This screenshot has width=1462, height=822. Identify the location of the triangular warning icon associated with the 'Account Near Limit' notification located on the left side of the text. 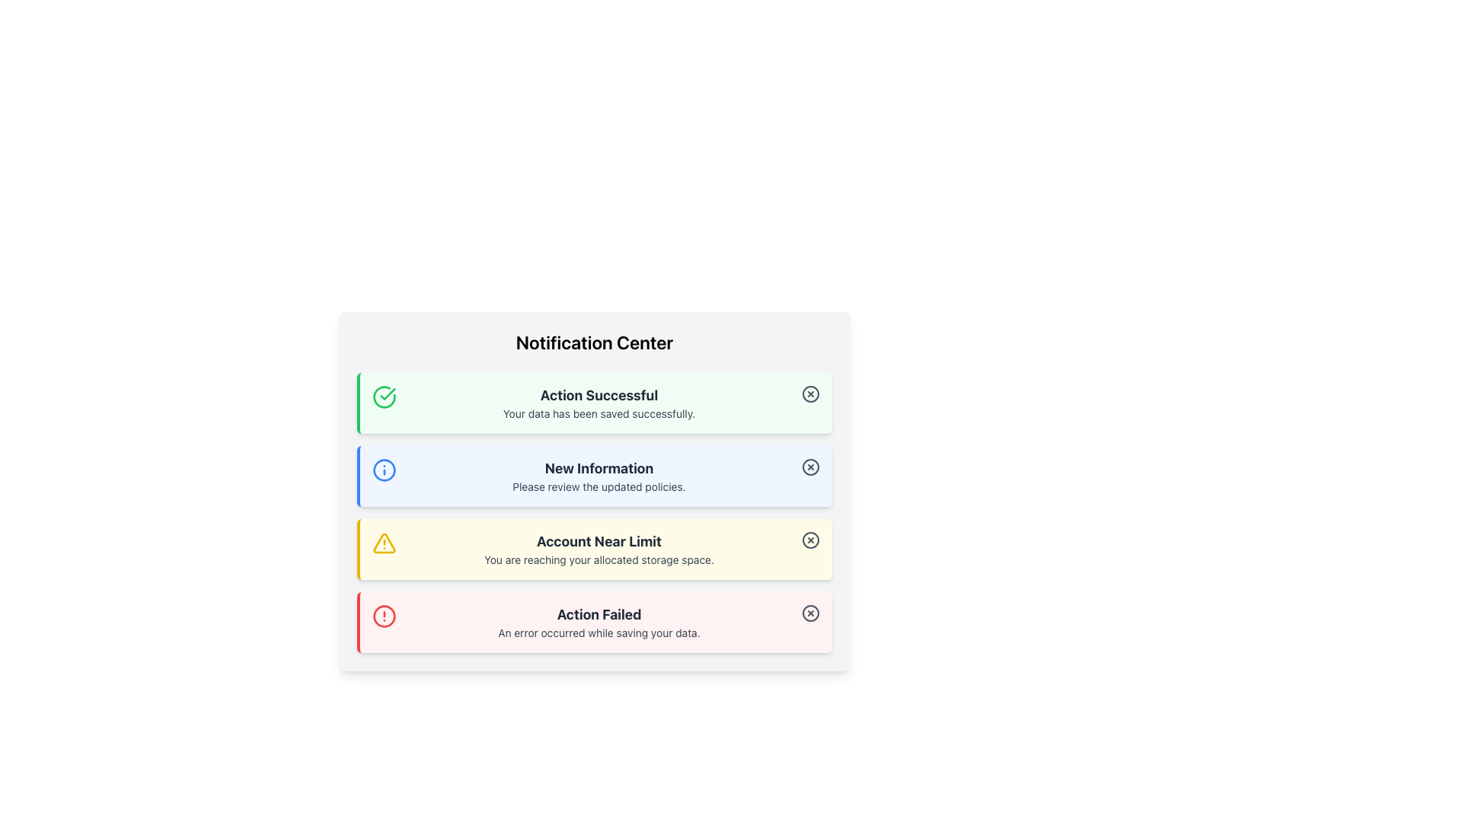
(384, 542).